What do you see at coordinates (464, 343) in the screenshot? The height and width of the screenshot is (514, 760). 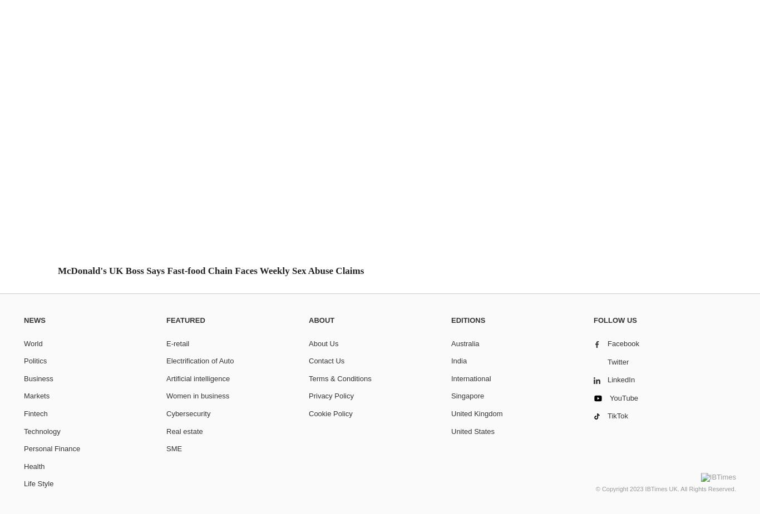 I see `'Australia'` at bounding box center [464, 343].